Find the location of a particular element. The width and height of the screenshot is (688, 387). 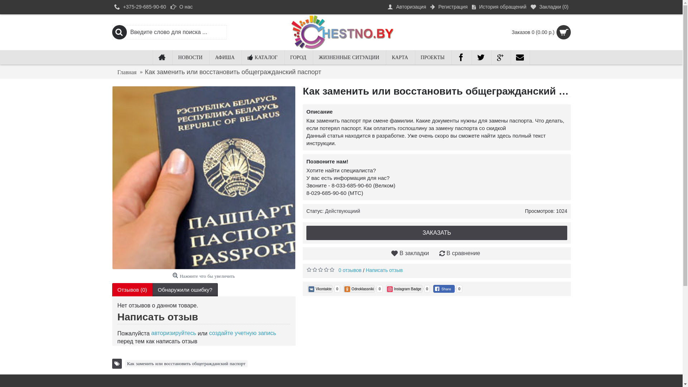

'+375-29-685-90-60' is located at coordinates (140, 7).